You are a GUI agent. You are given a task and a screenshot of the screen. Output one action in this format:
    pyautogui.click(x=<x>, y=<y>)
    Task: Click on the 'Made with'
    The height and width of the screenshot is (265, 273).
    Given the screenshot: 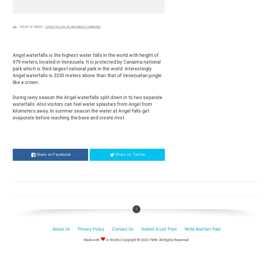 What is the action you would take?
    pyautogui.click(x=83, y=239)
    